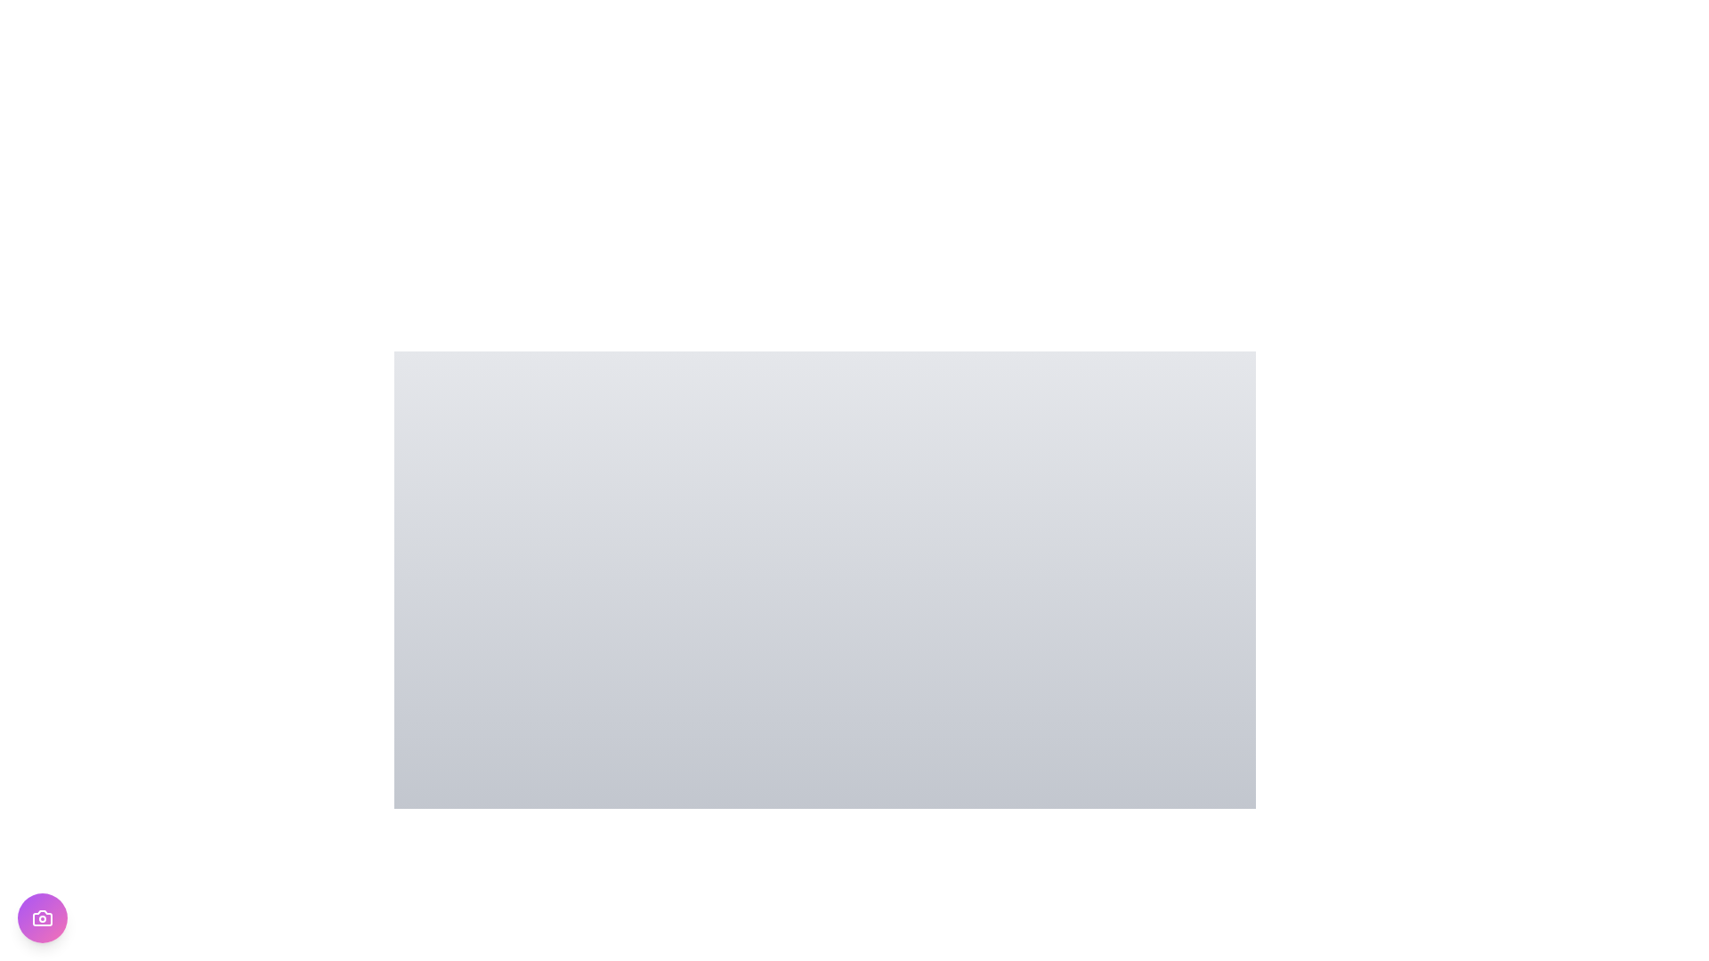 This screenshot has width=1709, height=961. What do you see at coordinates (43, 918) in the screenshot?
I see `floating button in the bottom-left corner to toggle the menu visibility` at bounding box center [43, 918].